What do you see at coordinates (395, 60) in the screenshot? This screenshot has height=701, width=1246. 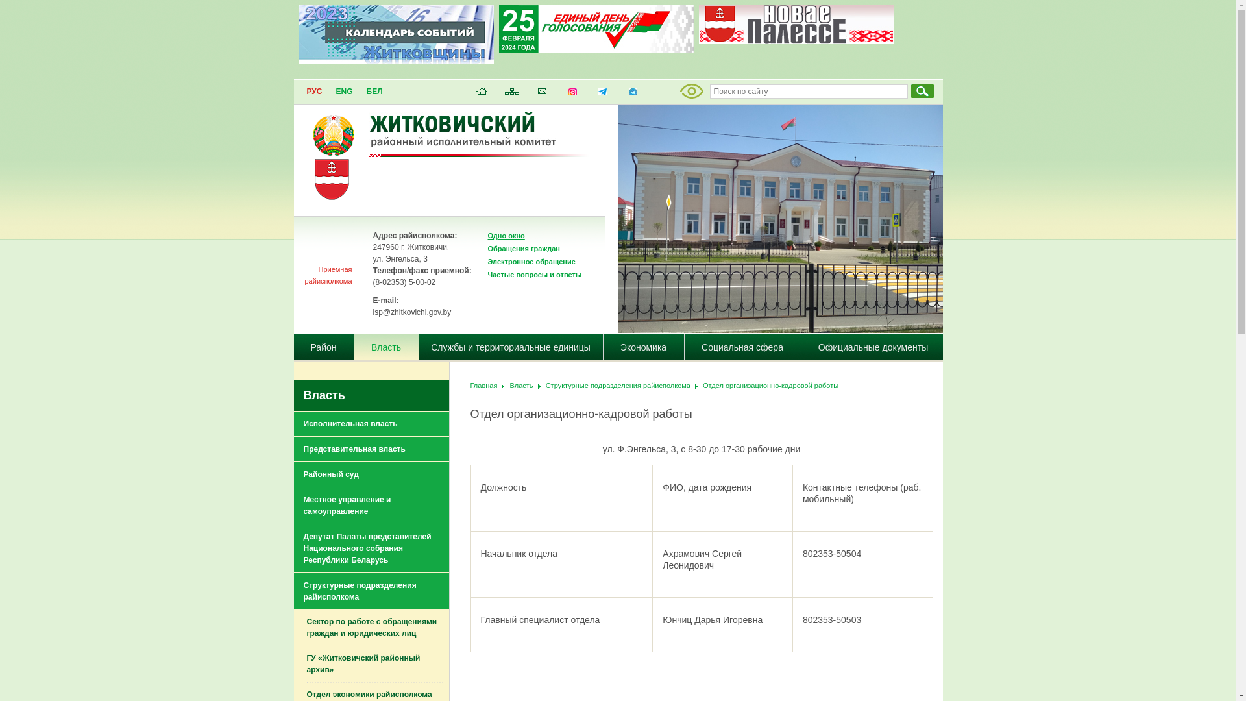 I see `'kalendar23'` at bounding box center [395, 60].